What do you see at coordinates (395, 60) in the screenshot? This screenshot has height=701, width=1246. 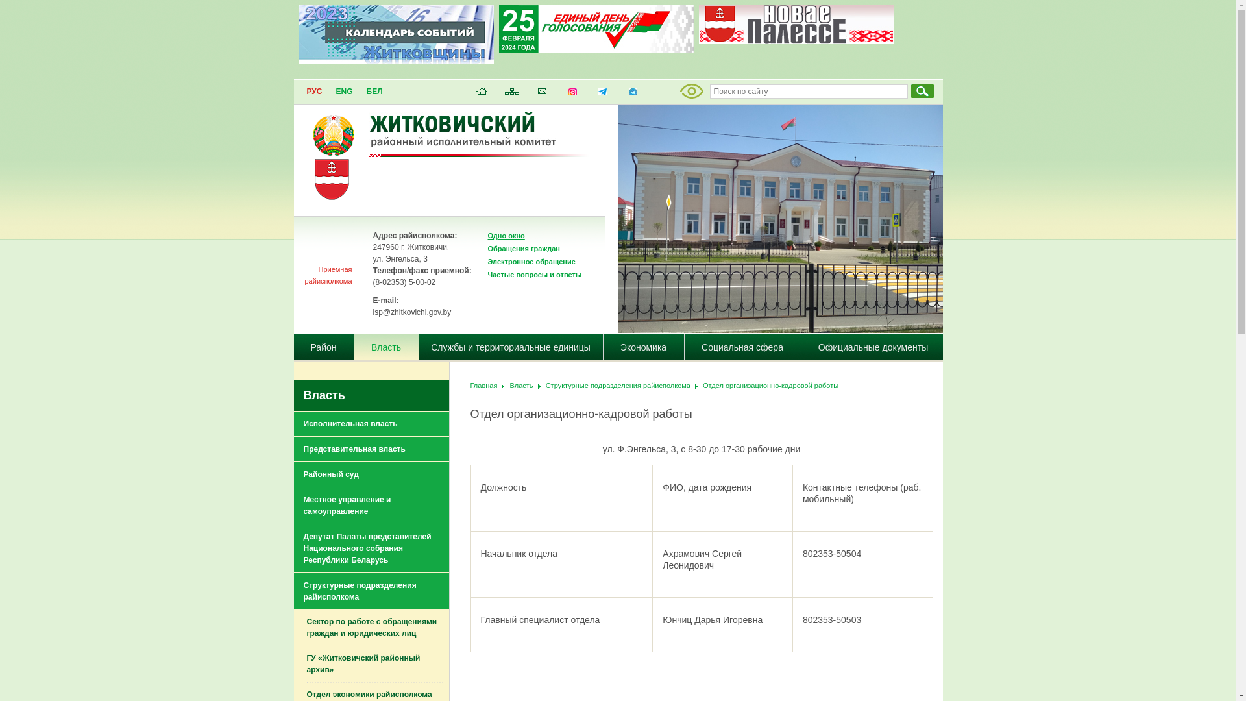 I see `'kalendar23'` at bounding box center [395, 60].